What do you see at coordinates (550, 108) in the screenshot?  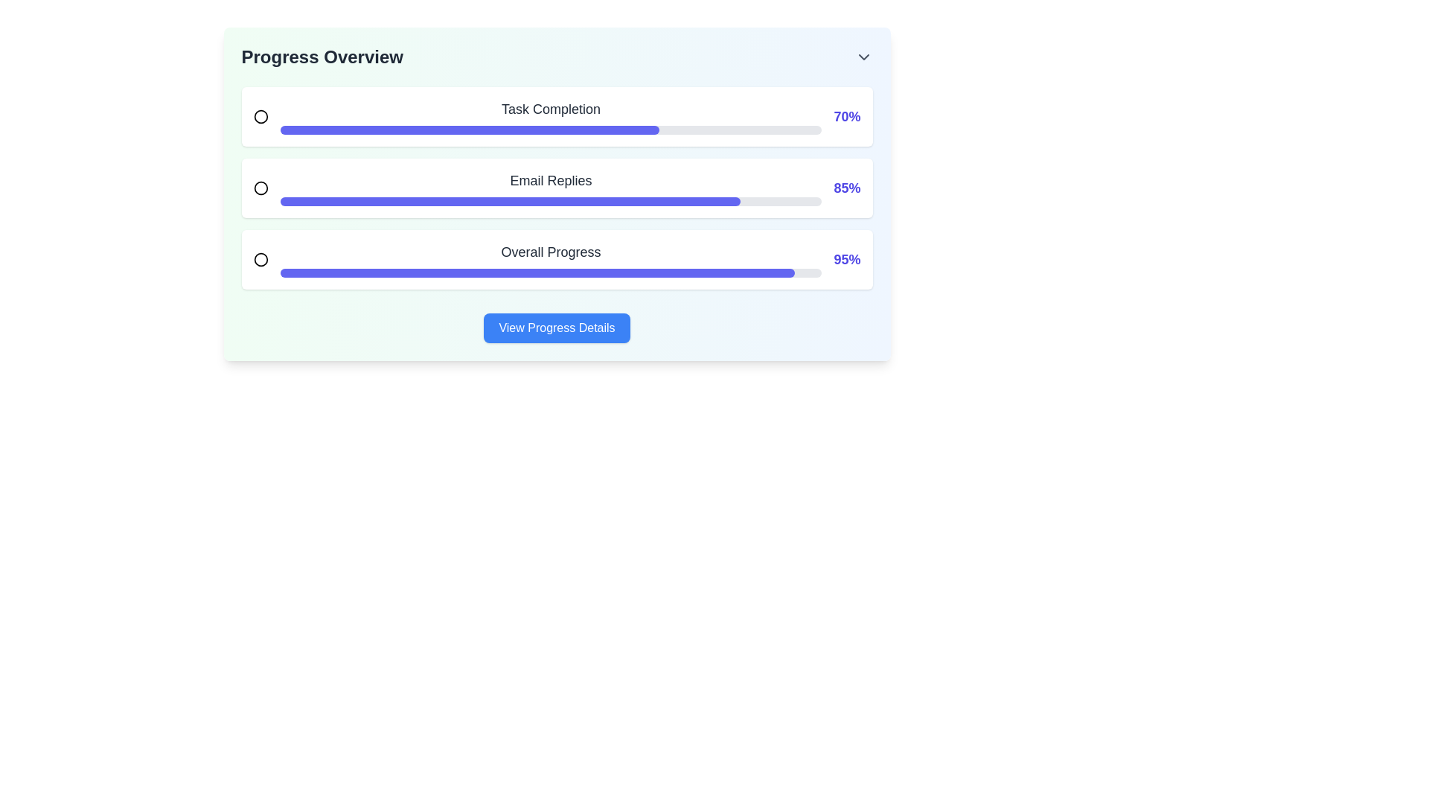 I see `the 'Task Completion' text label, which is styled in a larger bold font and colored dark gray, located near the top left of the layout in the progress overview section` at bounding box center [550, 108].